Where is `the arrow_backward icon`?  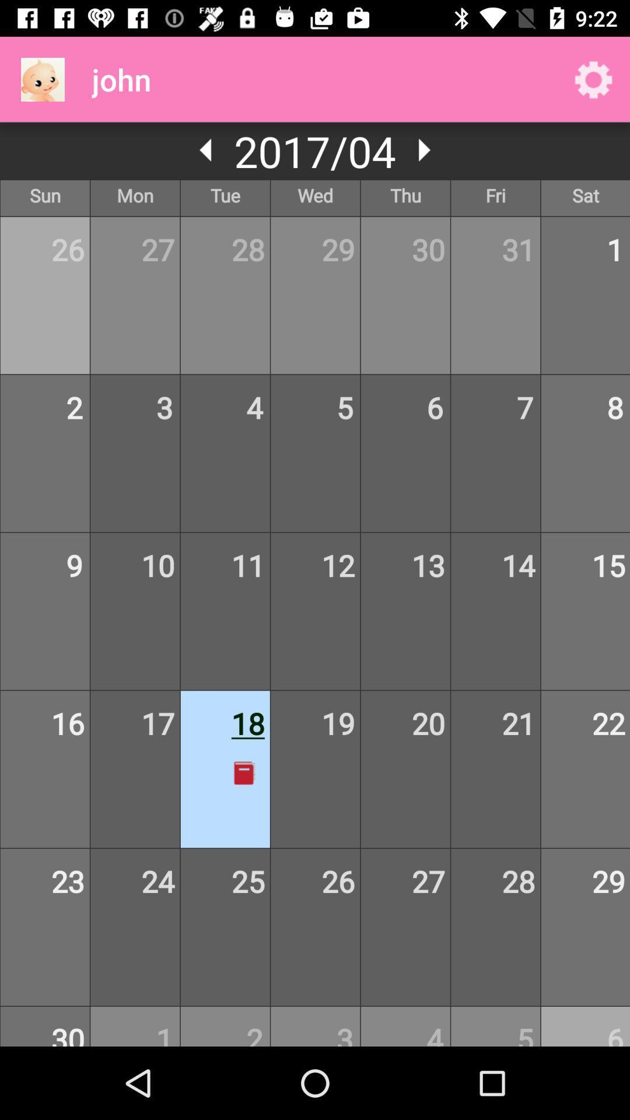
the arrow_backward icon is located at coordinates (206, 149).